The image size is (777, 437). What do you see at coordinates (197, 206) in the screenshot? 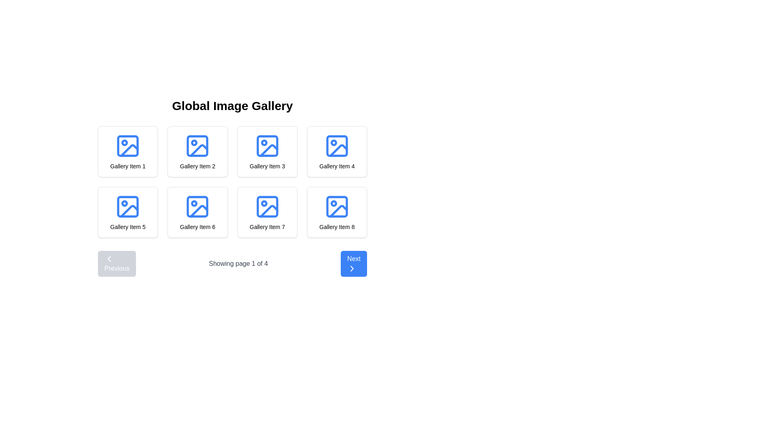
I see `the decorative SVG icon representing the image content type located at the top center of the sixth gallery item in a 4x2 grid` at bounding box center [197, 206].